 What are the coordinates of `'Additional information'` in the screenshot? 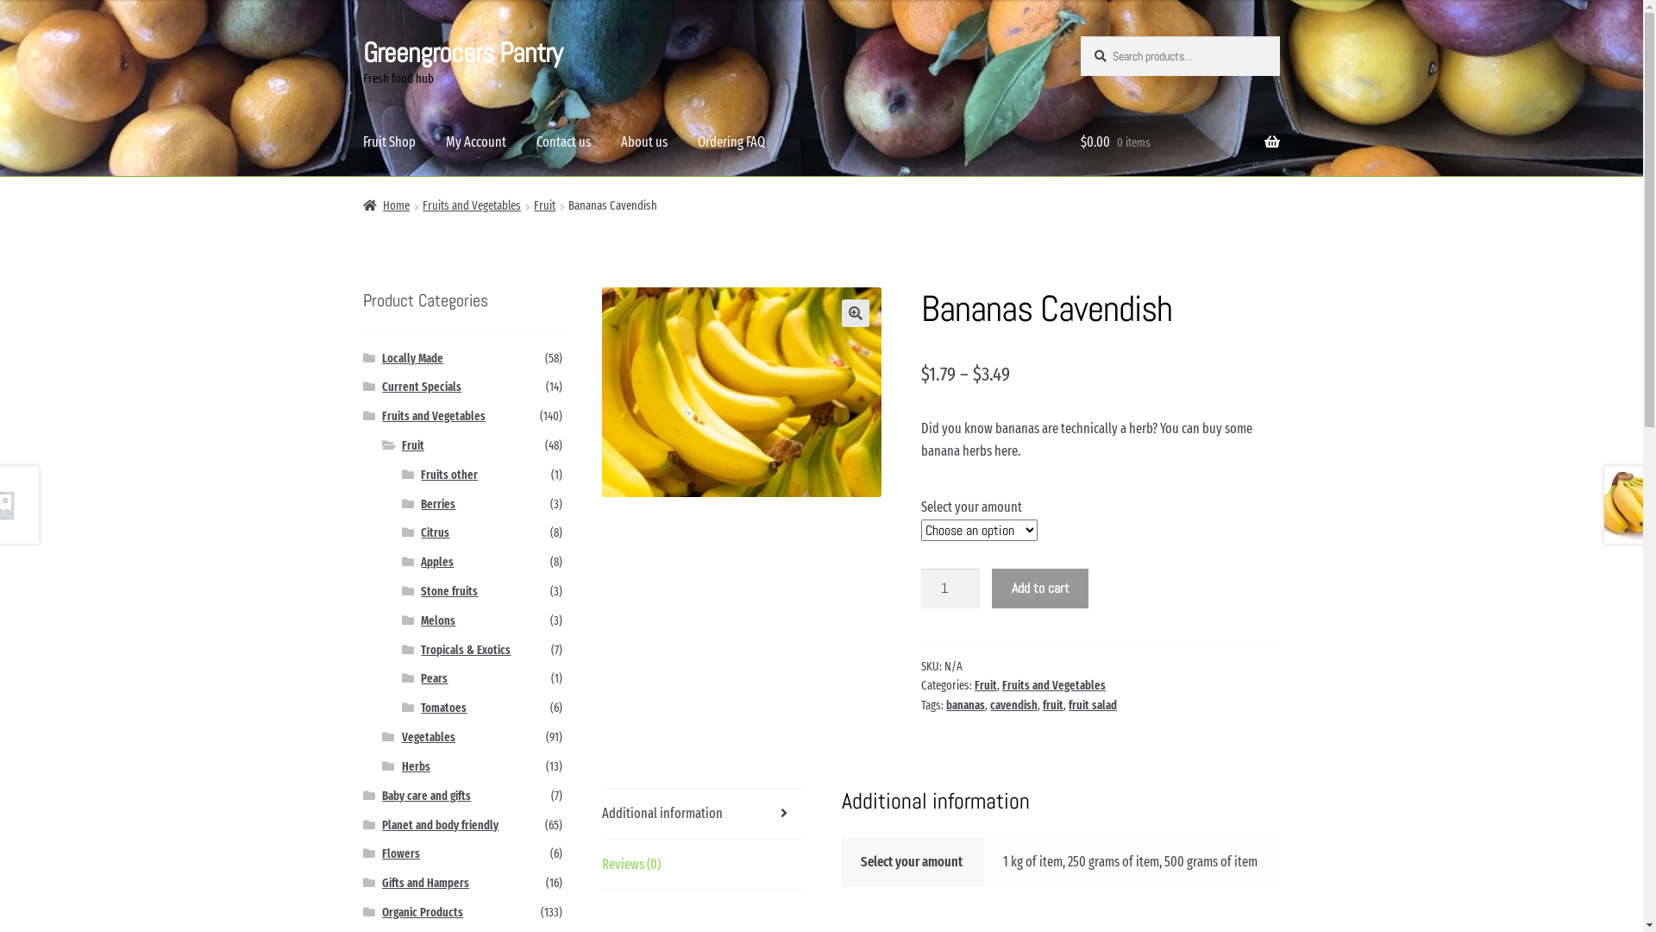 It's located at (701, 813).